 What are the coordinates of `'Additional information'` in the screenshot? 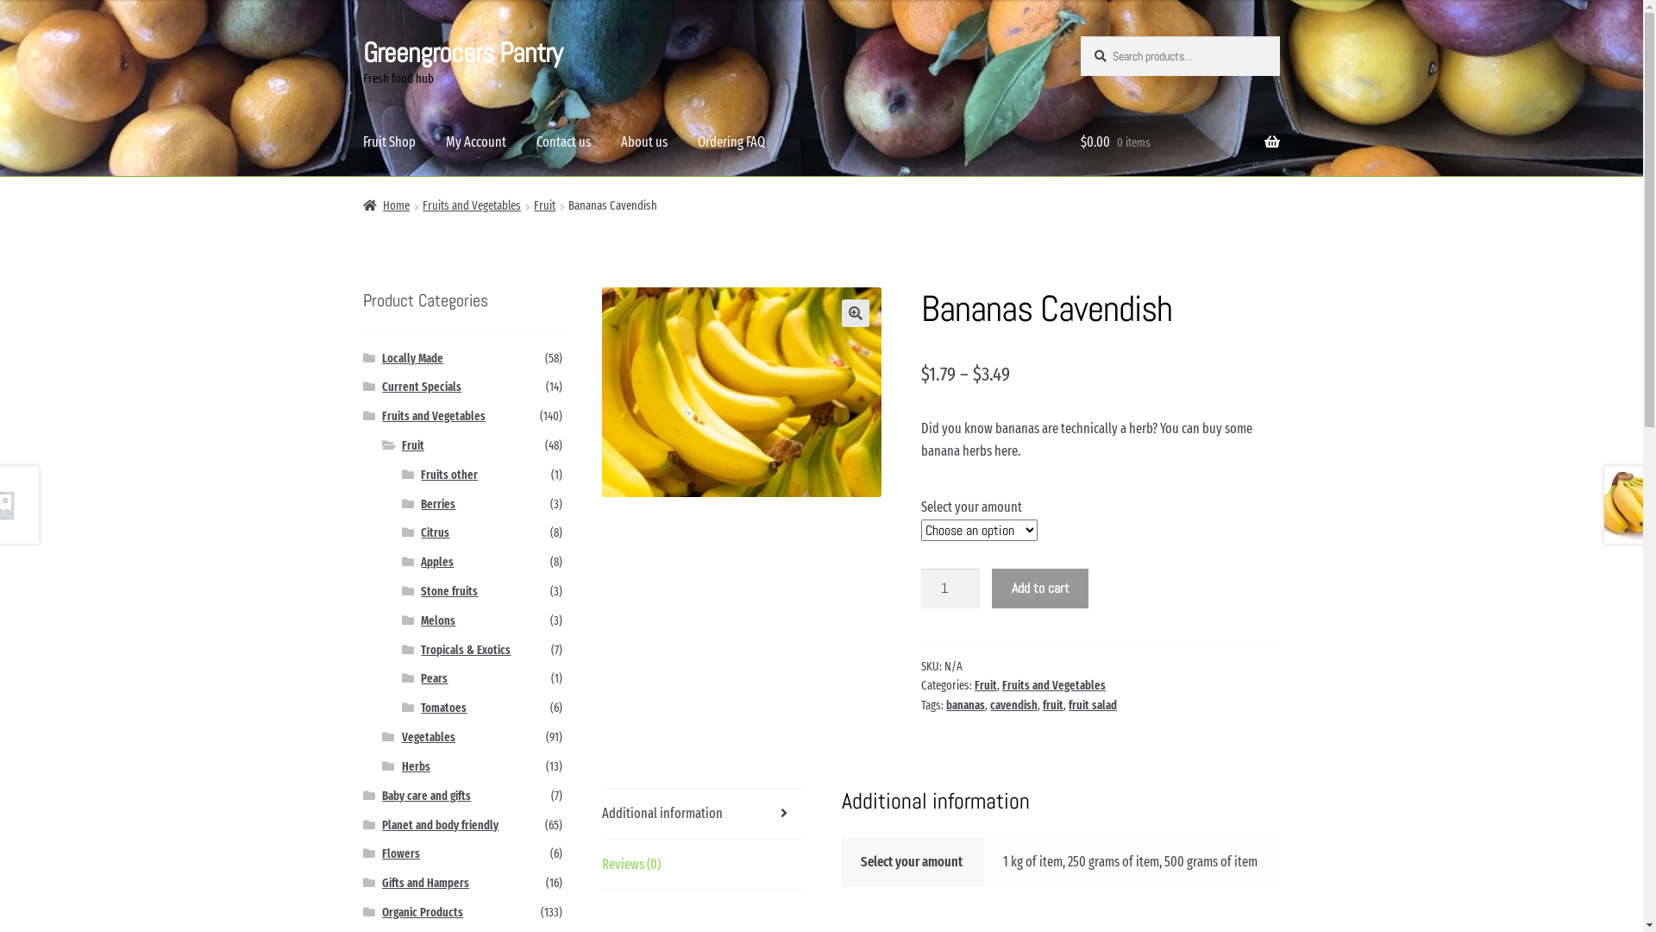 It's located at (701, 813).